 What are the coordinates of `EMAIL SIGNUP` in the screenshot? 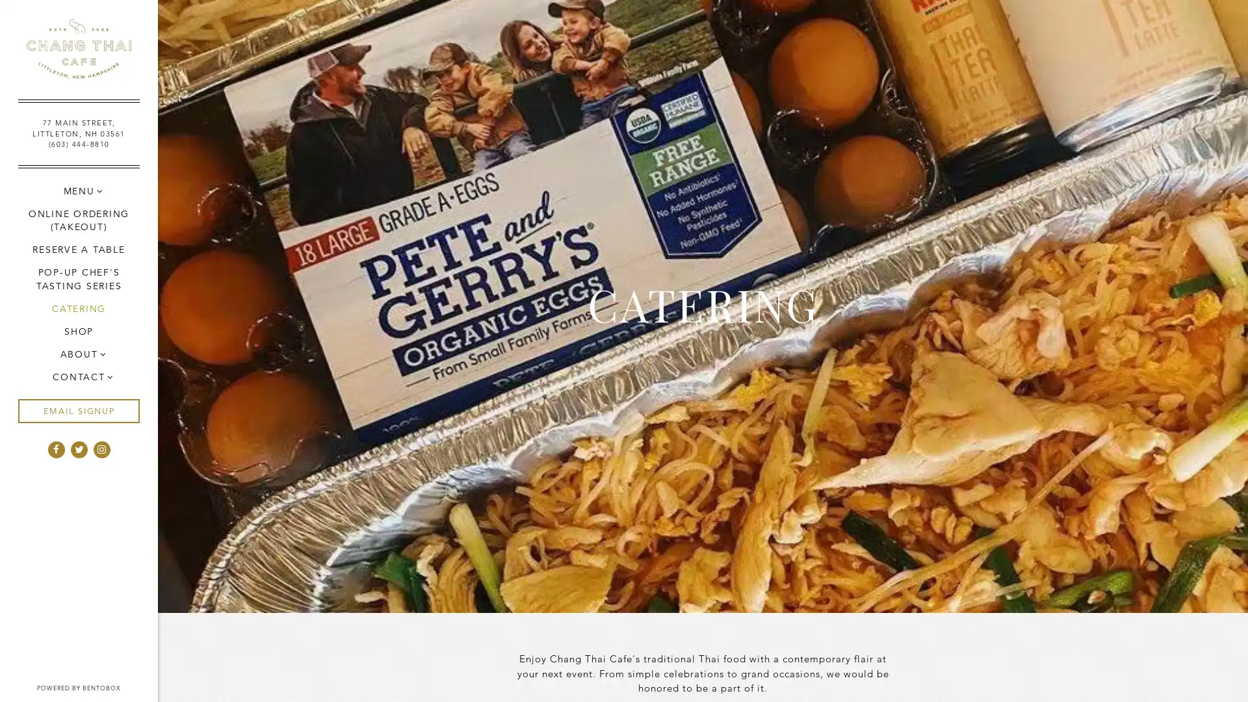 It's located at (77, 411).